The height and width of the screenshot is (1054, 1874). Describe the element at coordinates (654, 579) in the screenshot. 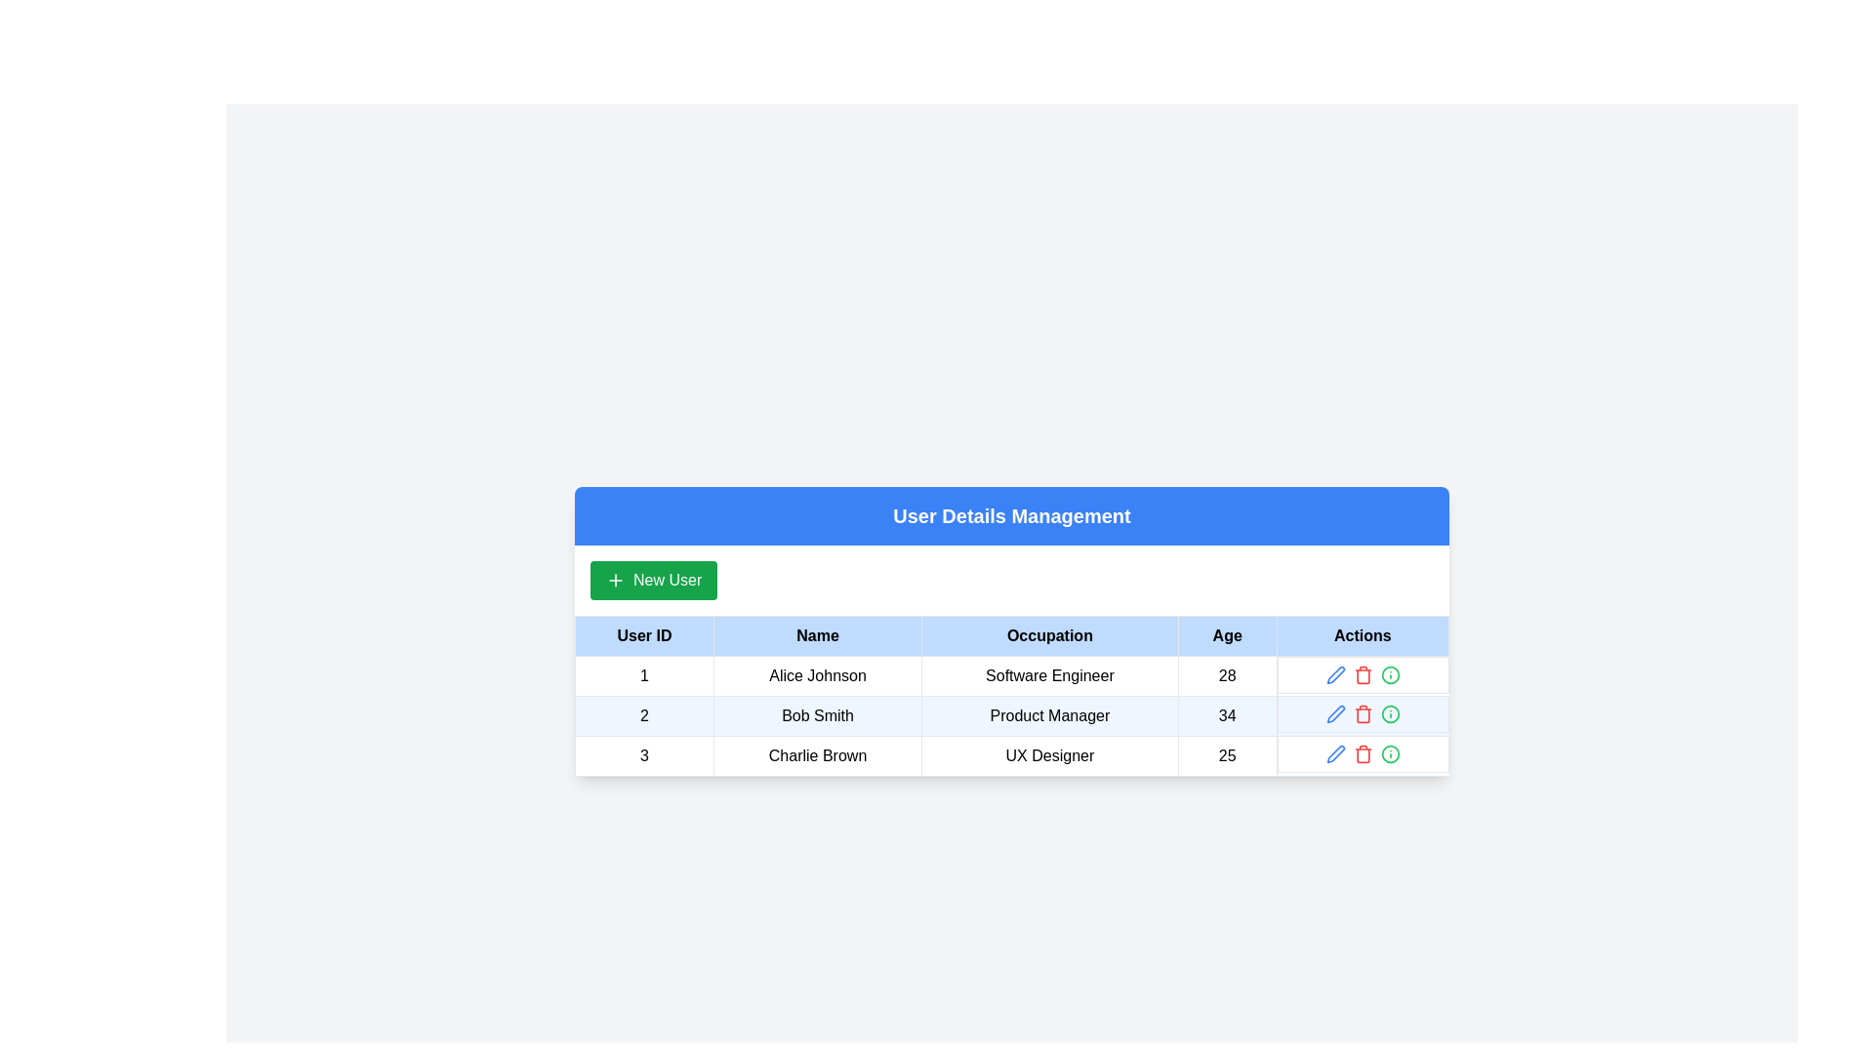

I see `keyboard navigation` at that location.